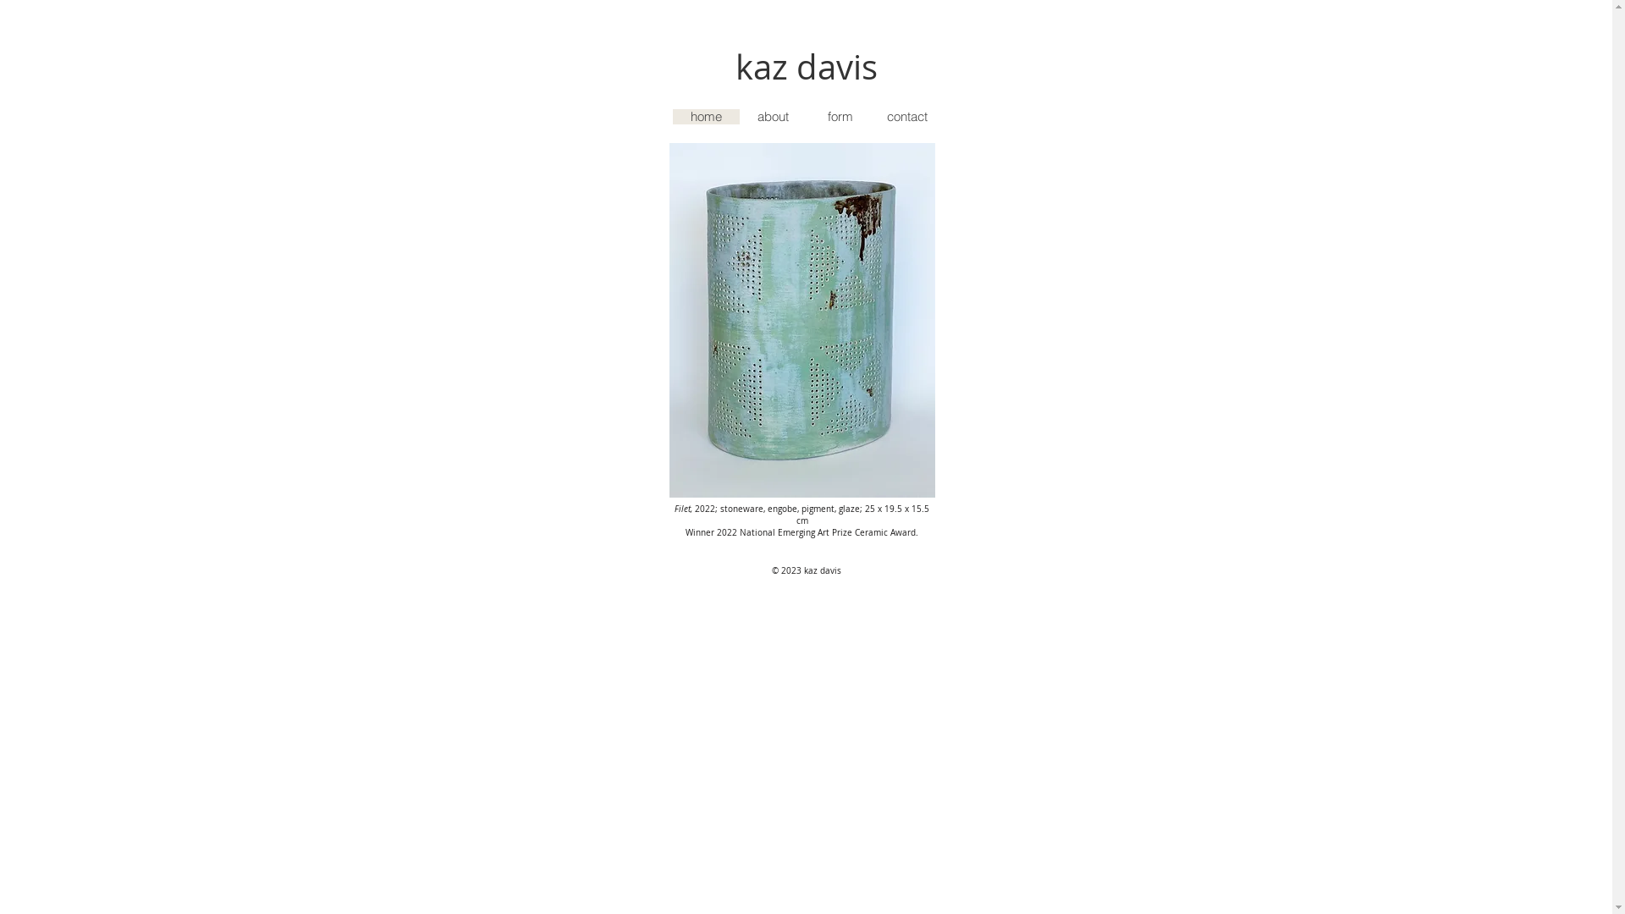 This screenshot has height=914, width=1625. What do you see at coordinates (772, 116) in the screenshot?
I see `'about'` at bounding box center [772, 116].